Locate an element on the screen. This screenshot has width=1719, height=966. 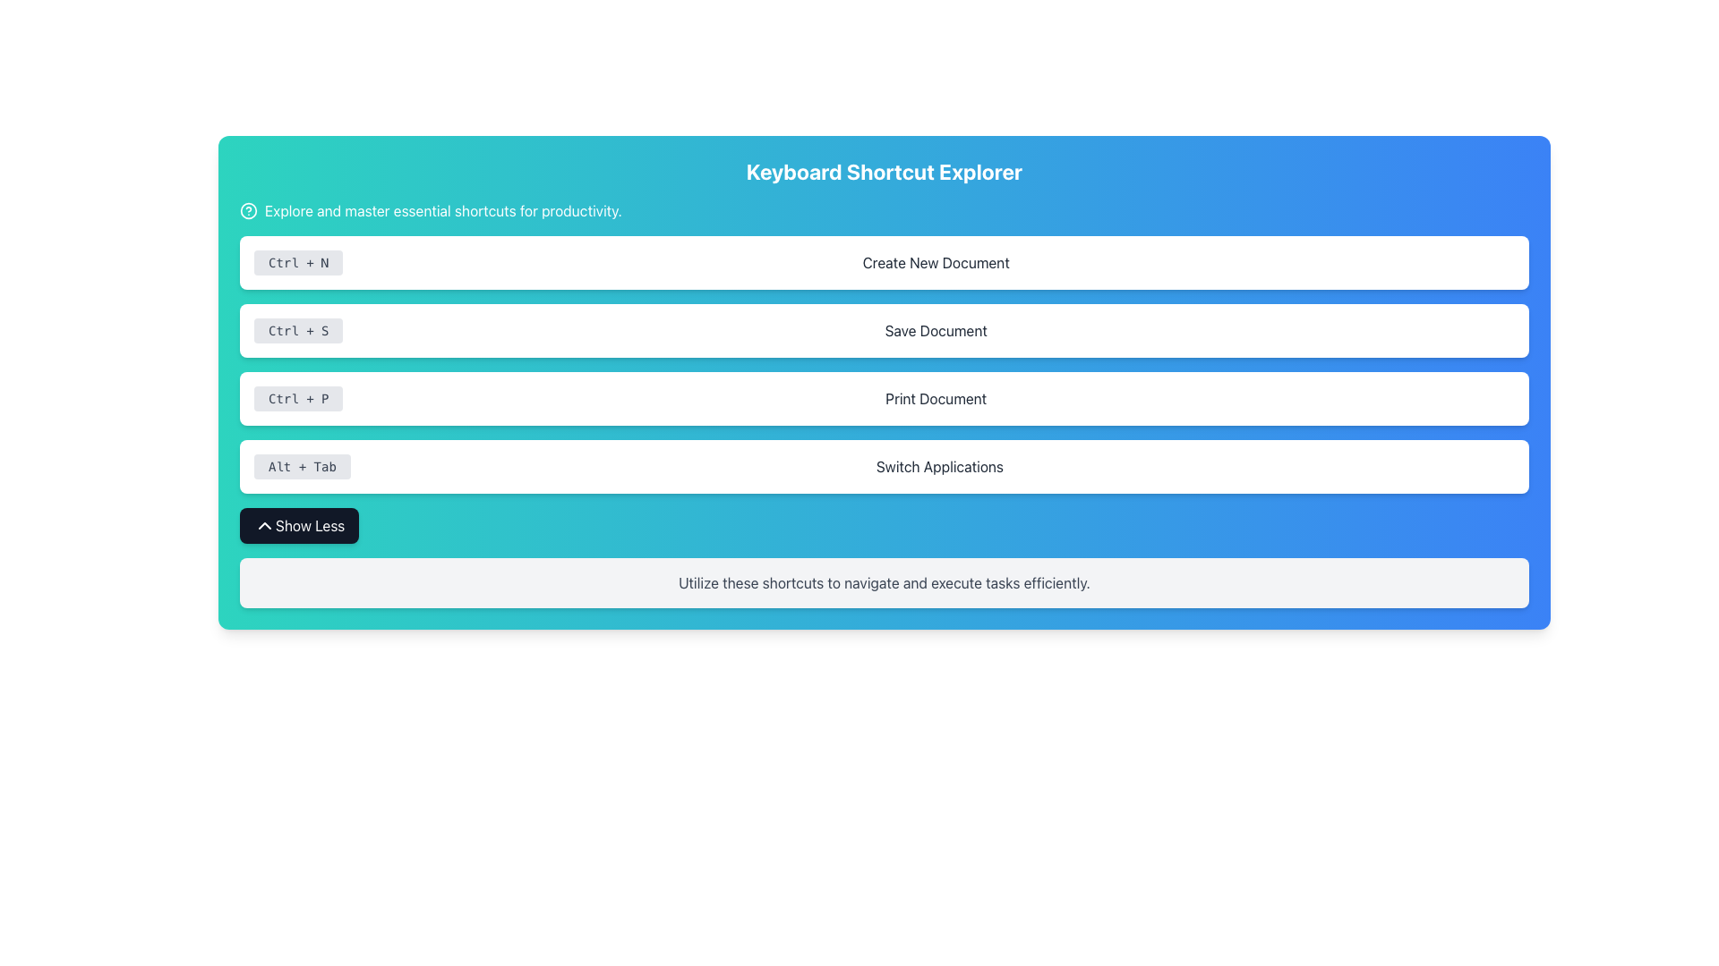
the Static Label with the text 'Ctrl + P', which has a light gray background and is located in the 'Print Document' row is located at coordinates (298, 398).